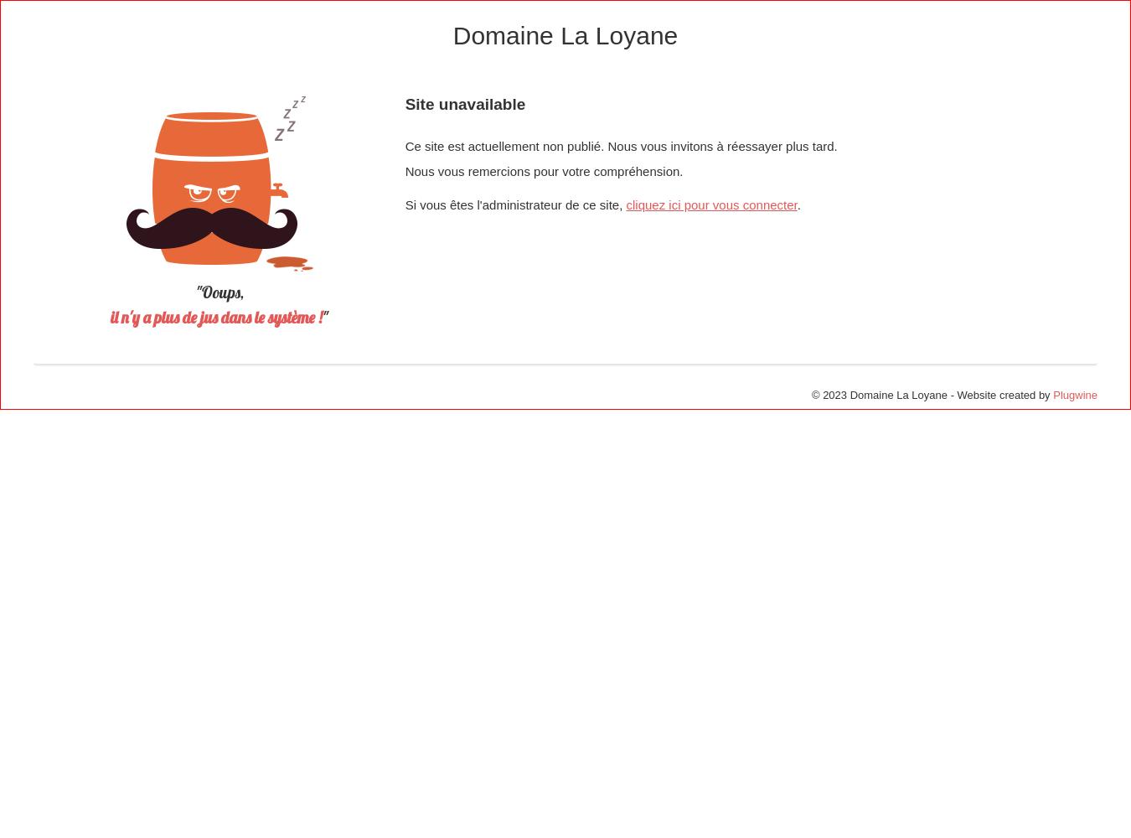 Image resolution: width=1131 pixels, height=838 pixels. Describe the element at coordinates (515, 204) in the screenshot. I see `'Si vous êtes l'administrateur de ce site,'` at that location.